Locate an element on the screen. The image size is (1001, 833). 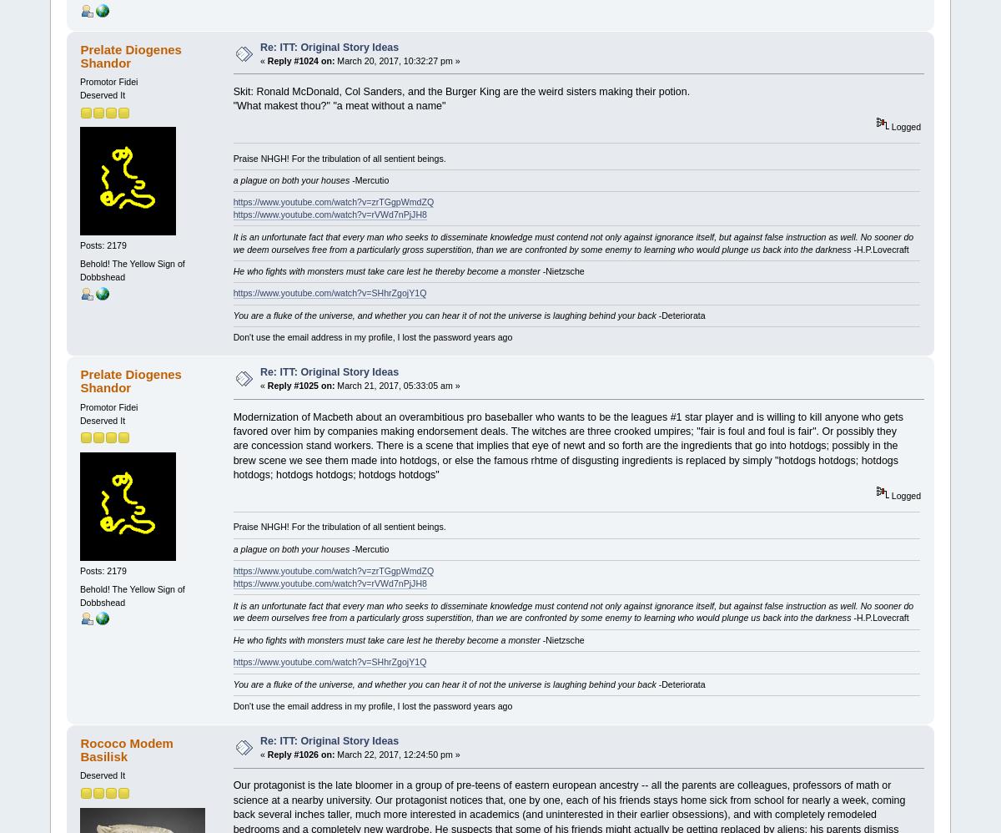
'March 21, 2017, 05:33:05 am »' is located at coordinates (396, 384).